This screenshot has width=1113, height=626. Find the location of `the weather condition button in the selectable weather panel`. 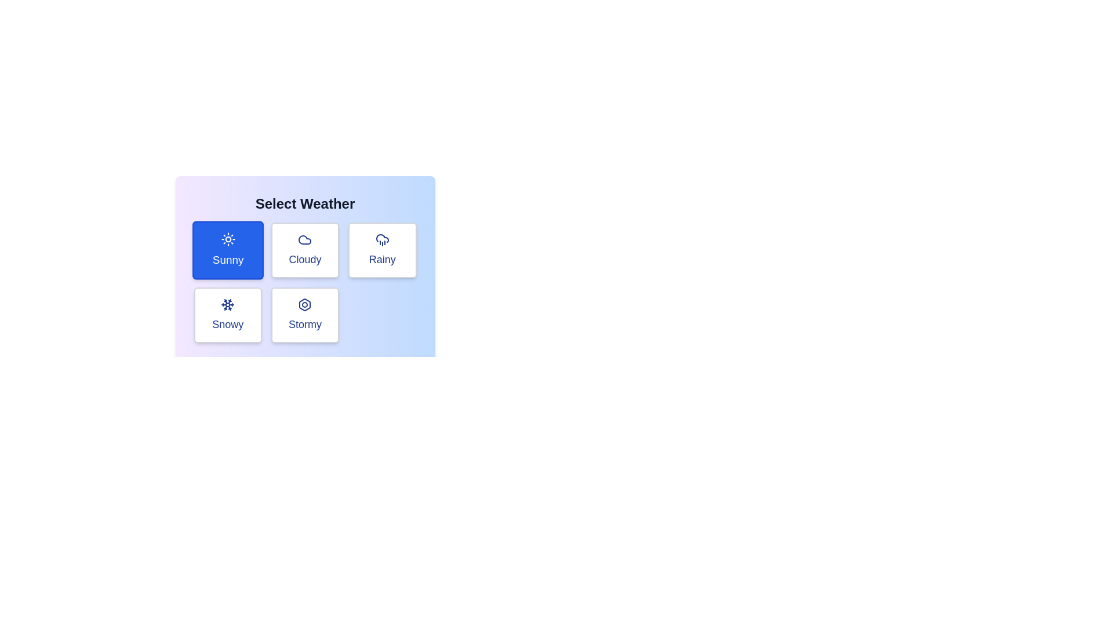

the weather condition button in the selectable weather panel is located at coordinates (305, 259).